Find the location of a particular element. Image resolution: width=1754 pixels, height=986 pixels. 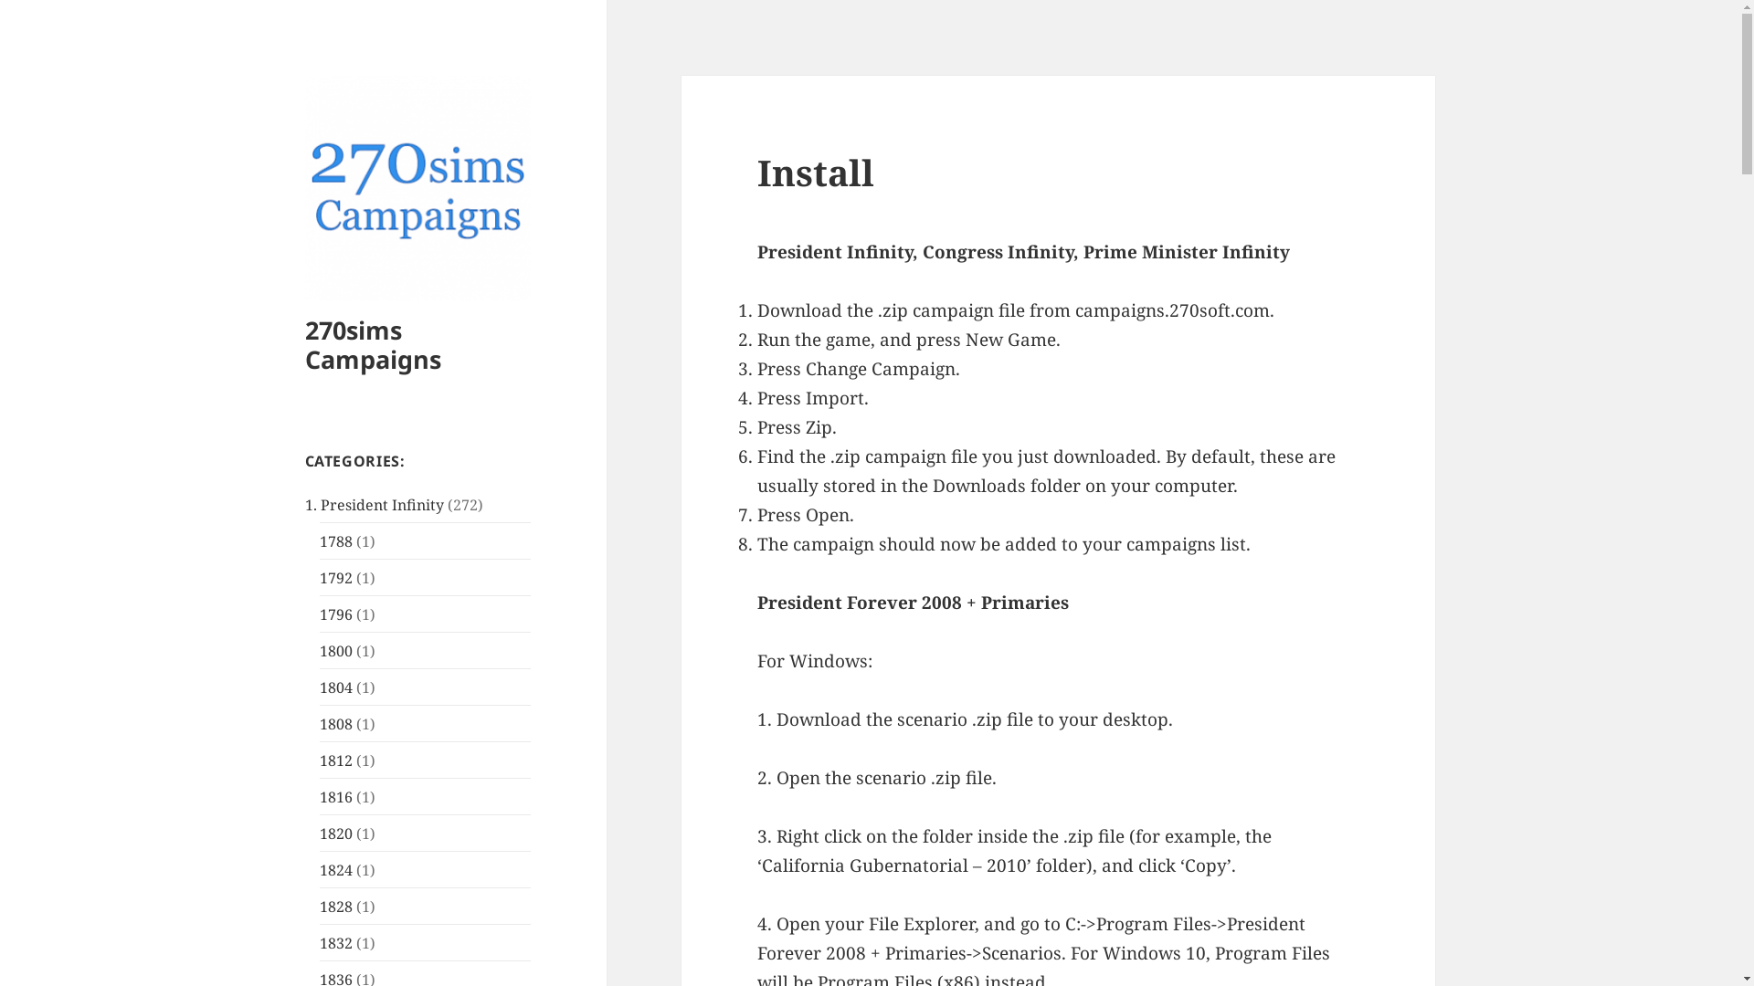

'1792' is located at coordinates (336, 577).